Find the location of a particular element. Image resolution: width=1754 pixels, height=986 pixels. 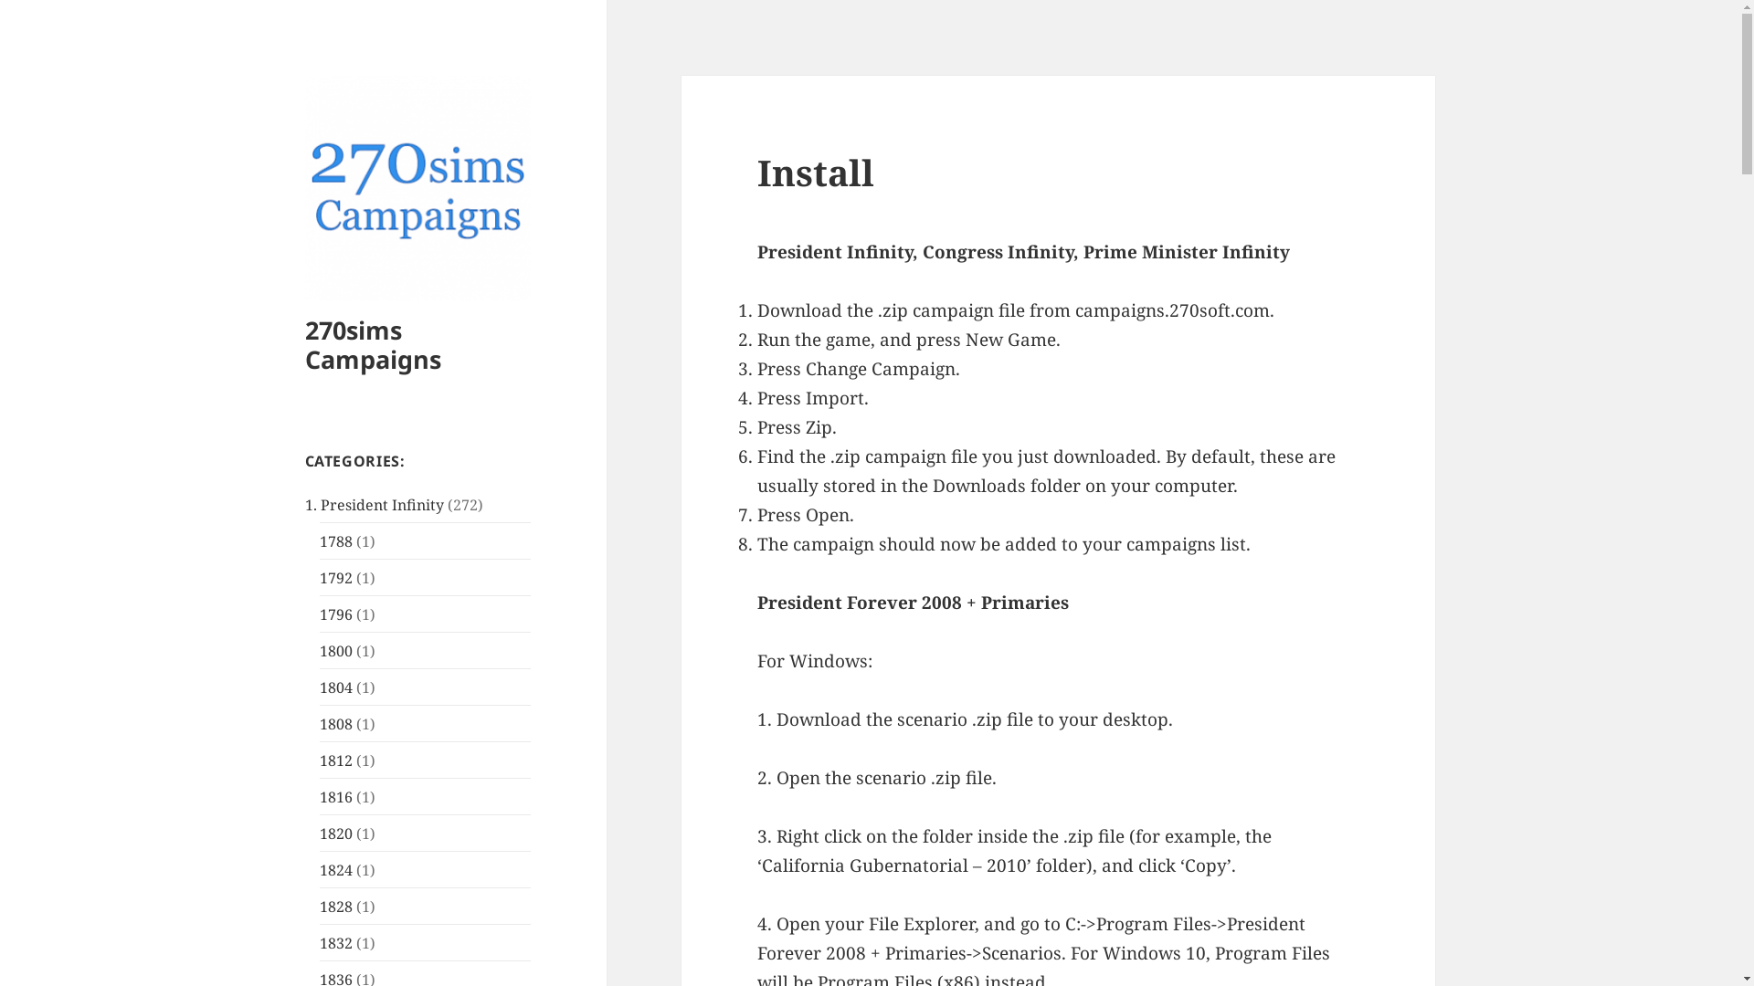

'1792' is located at coordinates (336, 577).